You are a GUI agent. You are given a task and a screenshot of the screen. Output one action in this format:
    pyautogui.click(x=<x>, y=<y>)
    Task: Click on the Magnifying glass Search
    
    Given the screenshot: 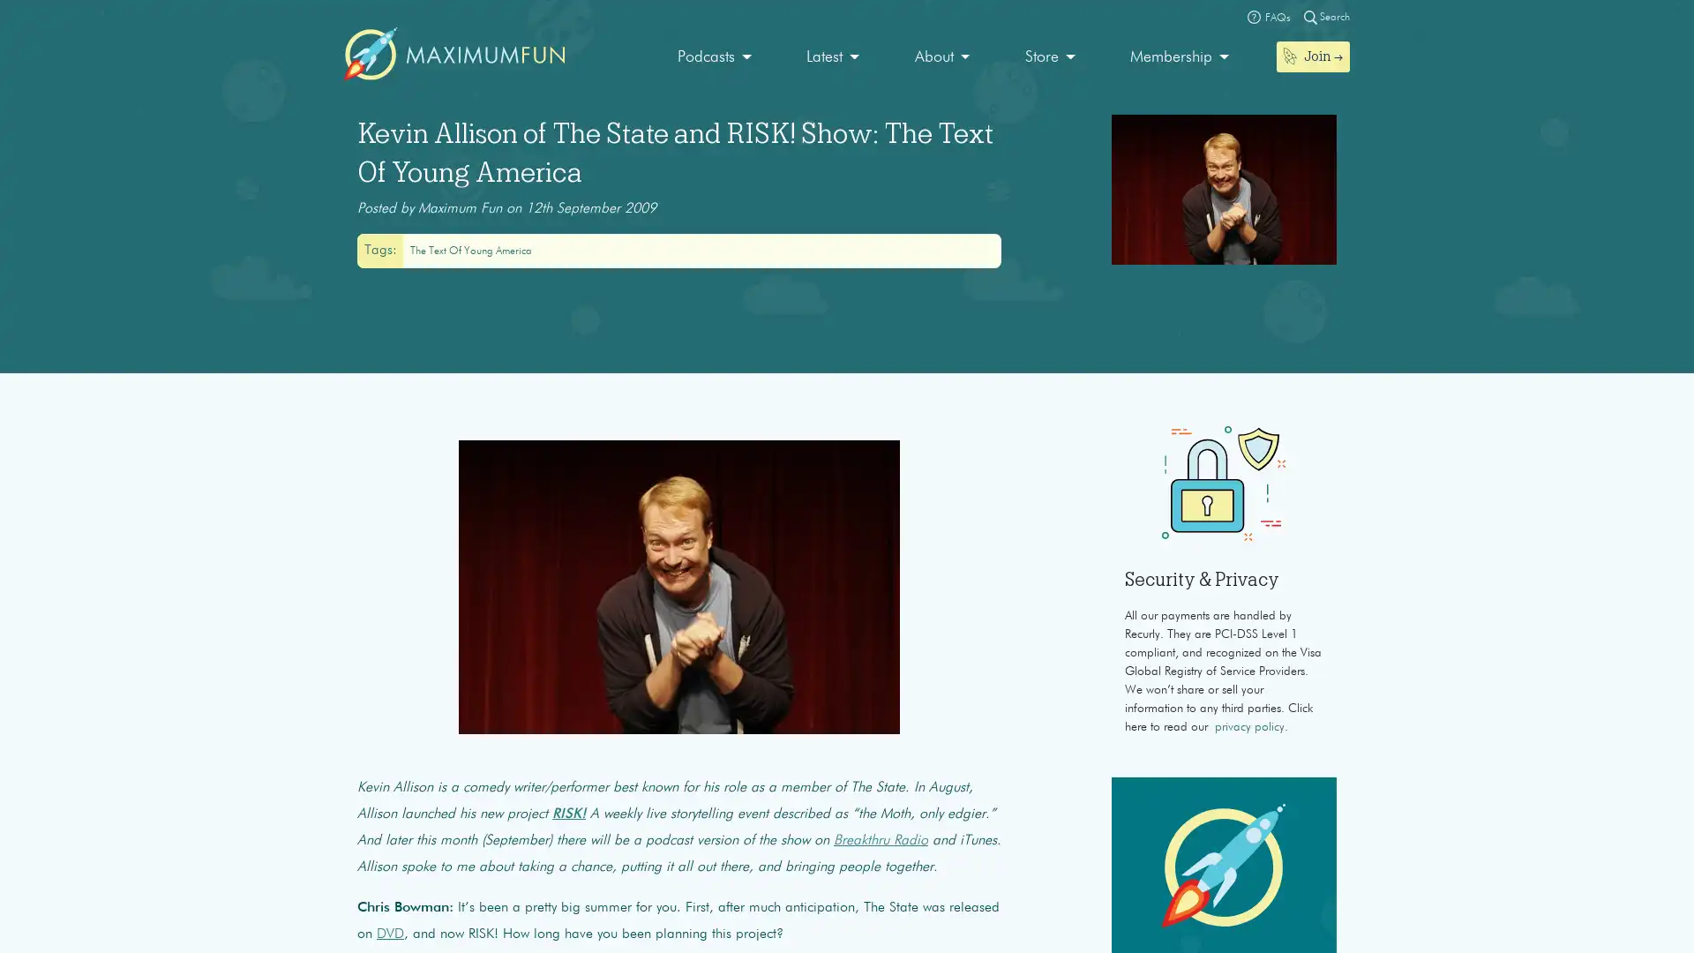 What is the action you would take?
    pyautogui.click(x=1326, y=17)
    